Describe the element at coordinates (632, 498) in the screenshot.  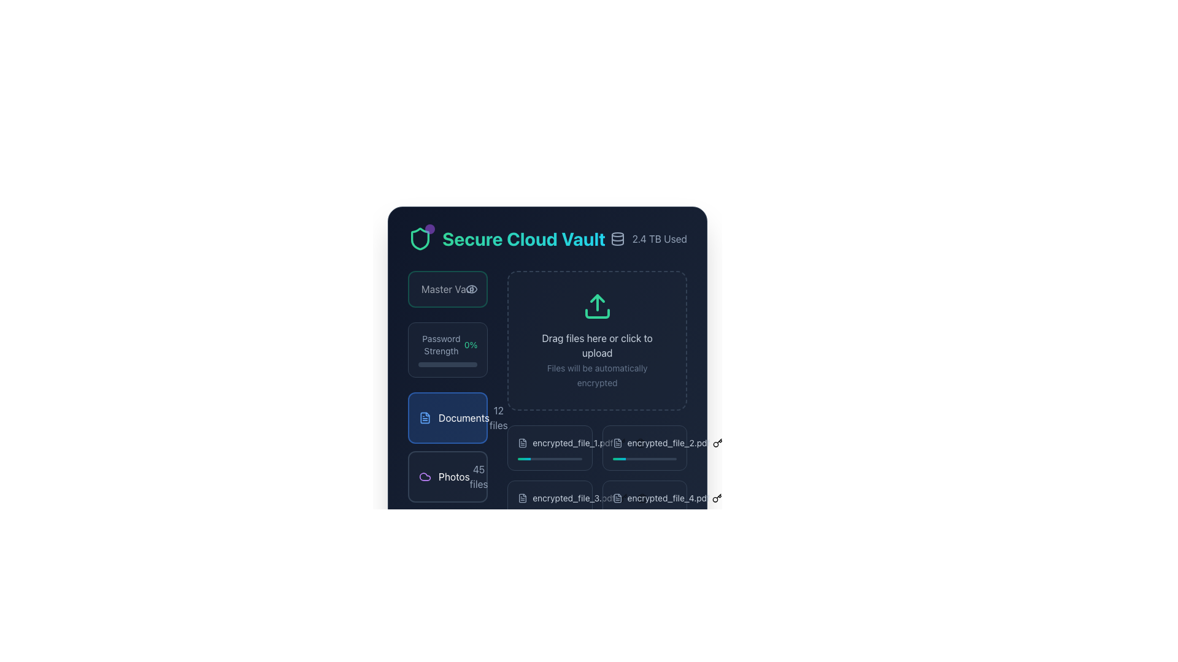
I see `the trash can icon` at that location.